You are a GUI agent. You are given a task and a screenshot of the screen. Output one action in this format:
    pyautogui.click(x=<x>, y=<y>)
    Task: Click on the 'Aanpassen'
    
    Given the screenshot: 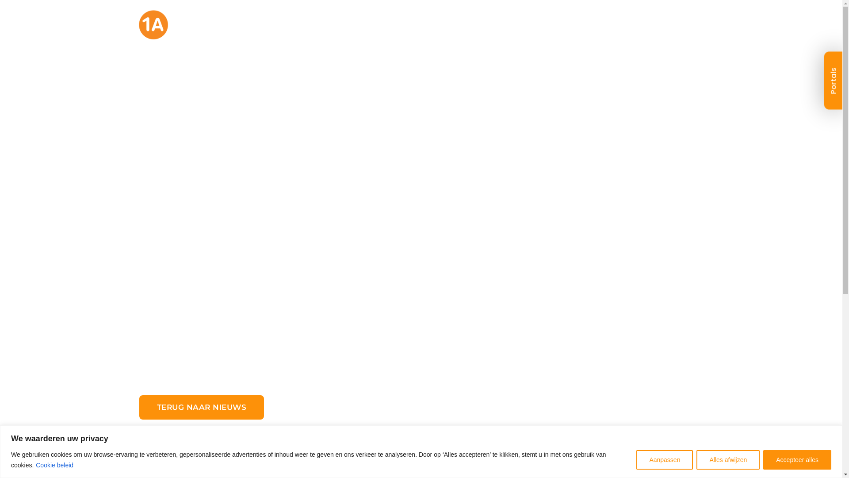 What is the action you would take?
    pyautogui.click(x=664, y=459)
    